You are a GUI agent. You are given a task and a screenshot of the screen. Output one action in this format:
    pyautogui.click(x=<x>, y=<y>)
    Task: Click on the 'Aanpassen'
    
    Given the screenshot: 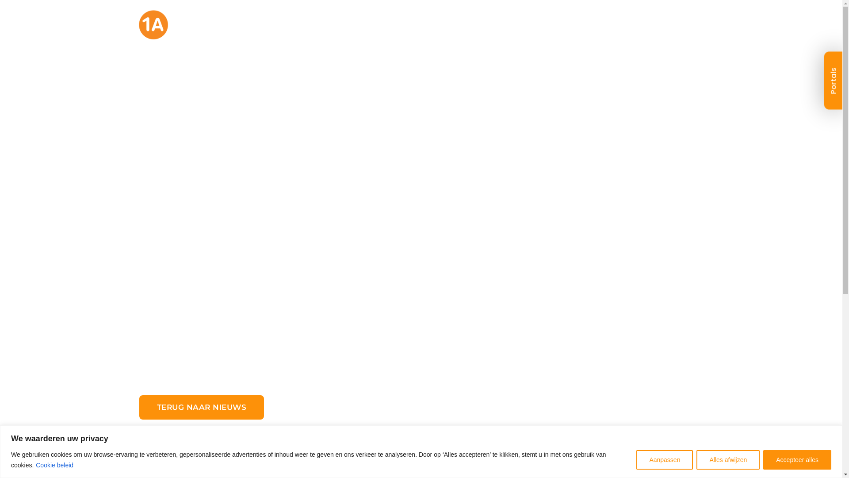 What is the action you would take?
    pyautogui.click(x=664, y=459)
    